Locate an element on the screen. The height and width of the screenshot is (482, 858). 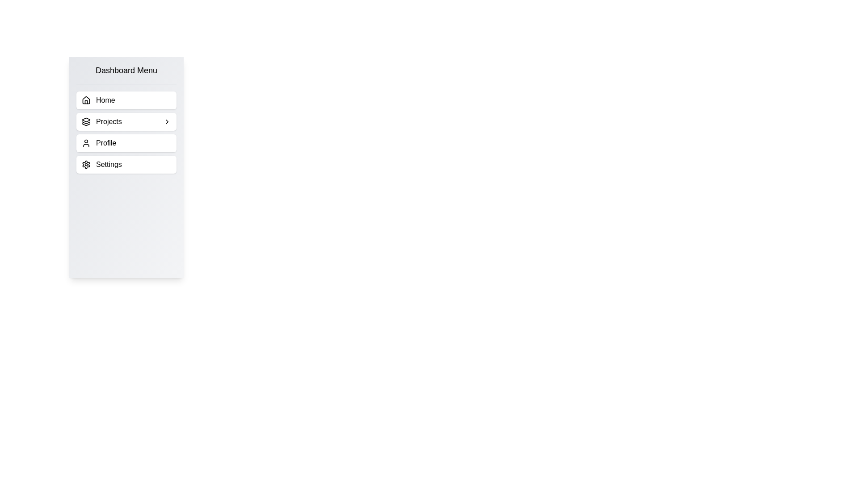
the house icon located in the vertical navigation menu, which symbolizes the home or dashboard functionality is located at coordinates (86, 100).